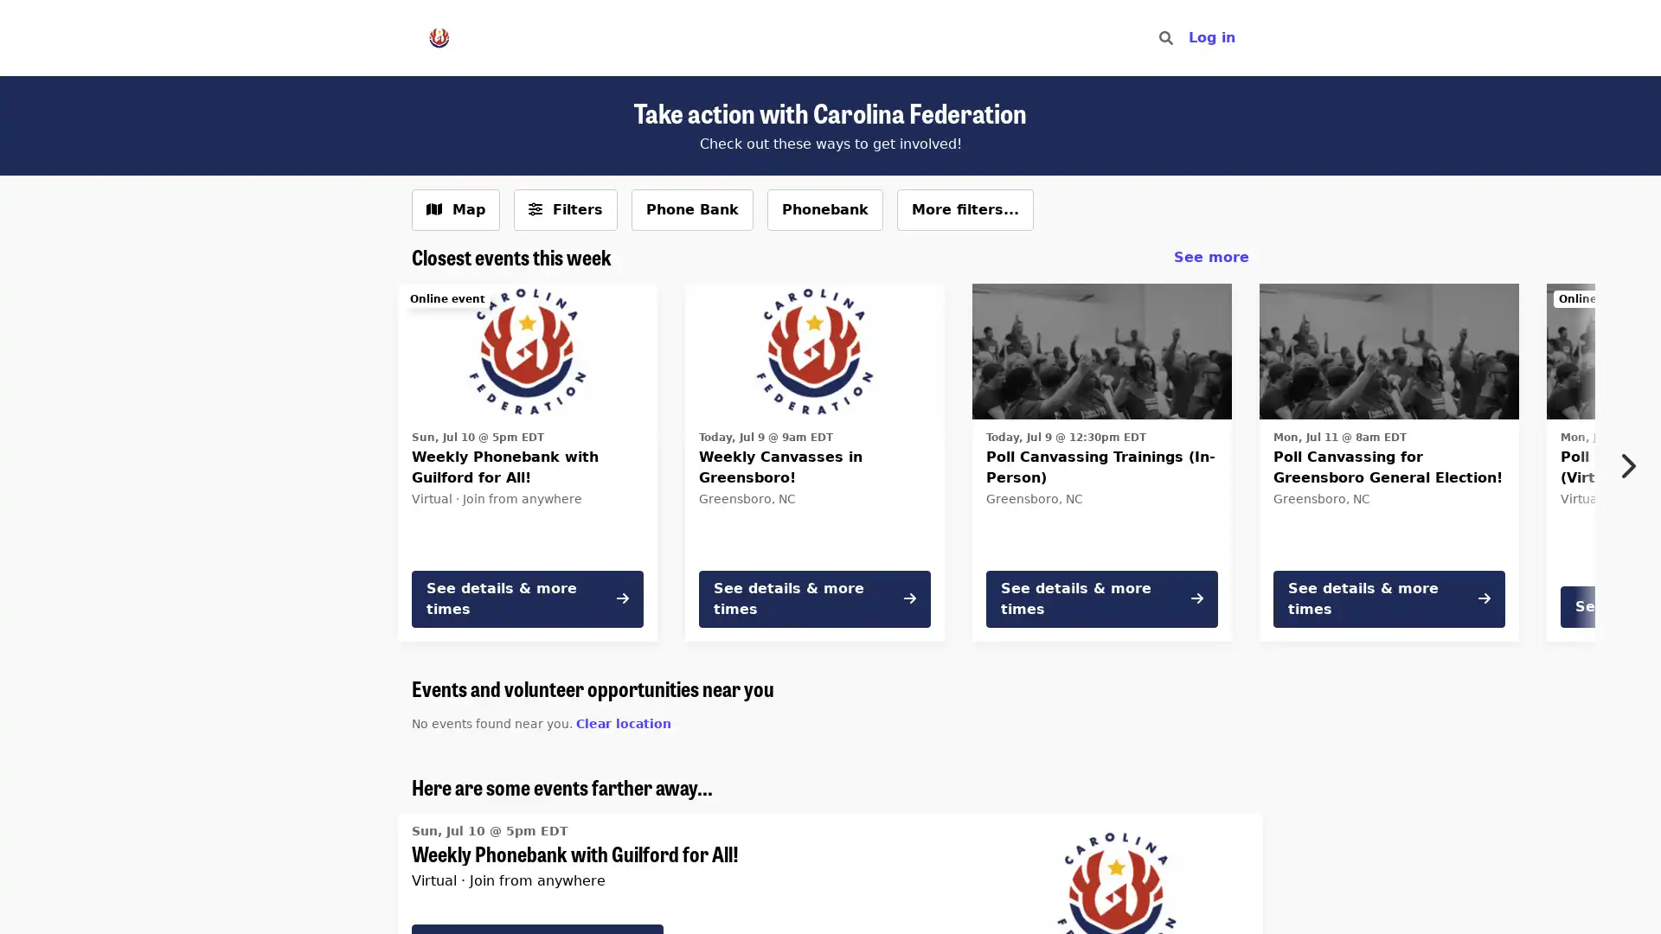 This screenshot has width=1661, height=934. I want to click on See details & more times, so click(1100, 597).